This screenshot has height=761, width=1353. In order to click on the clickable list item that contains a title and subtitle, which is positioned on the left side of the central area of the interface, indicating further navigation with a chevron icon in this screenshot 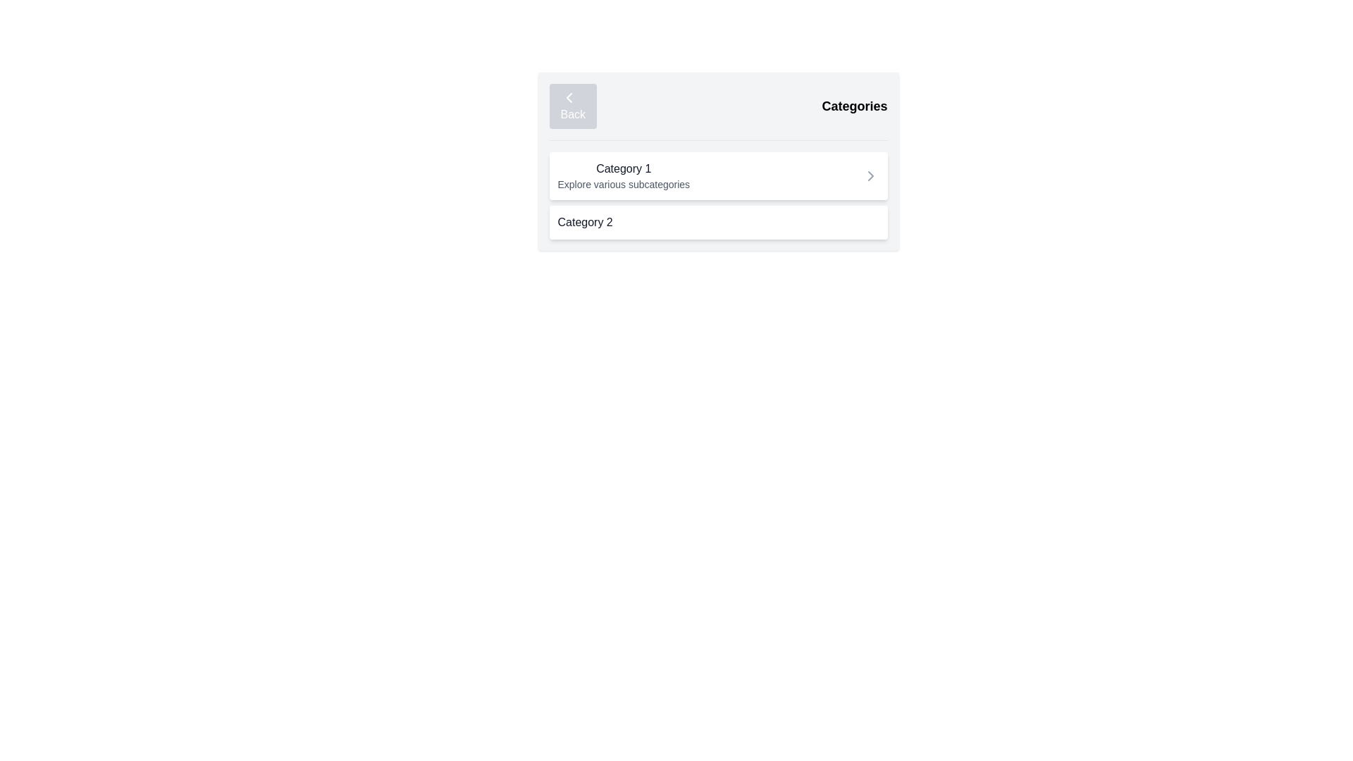, I will do `click(623, 175)`.